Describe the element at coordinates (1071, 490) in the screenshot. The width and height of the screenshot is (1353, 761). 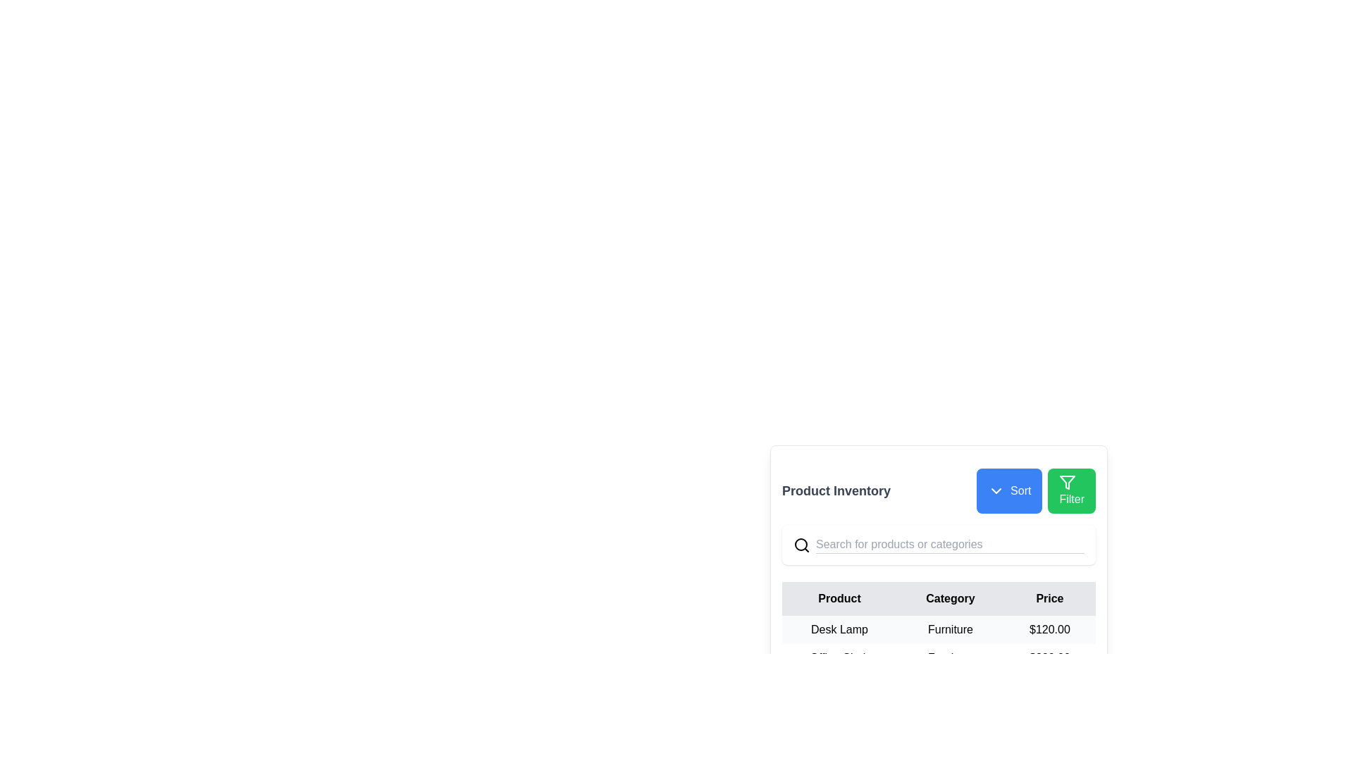
I see `the filter button located at the top-right corner of the product inventory table` at that location.